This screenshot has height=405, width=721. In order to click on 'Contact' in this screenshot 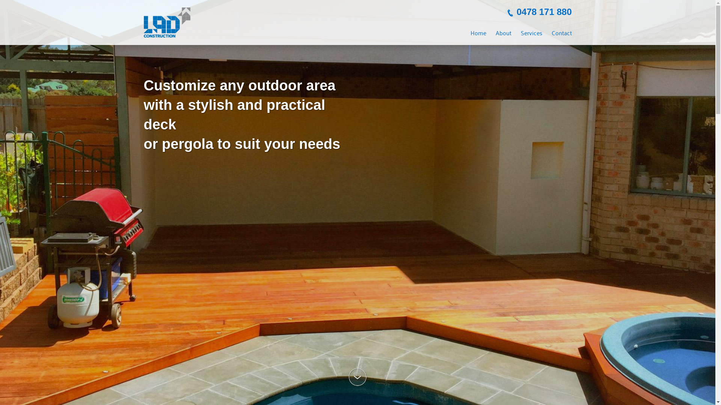, I will do `click(561, 32)`.